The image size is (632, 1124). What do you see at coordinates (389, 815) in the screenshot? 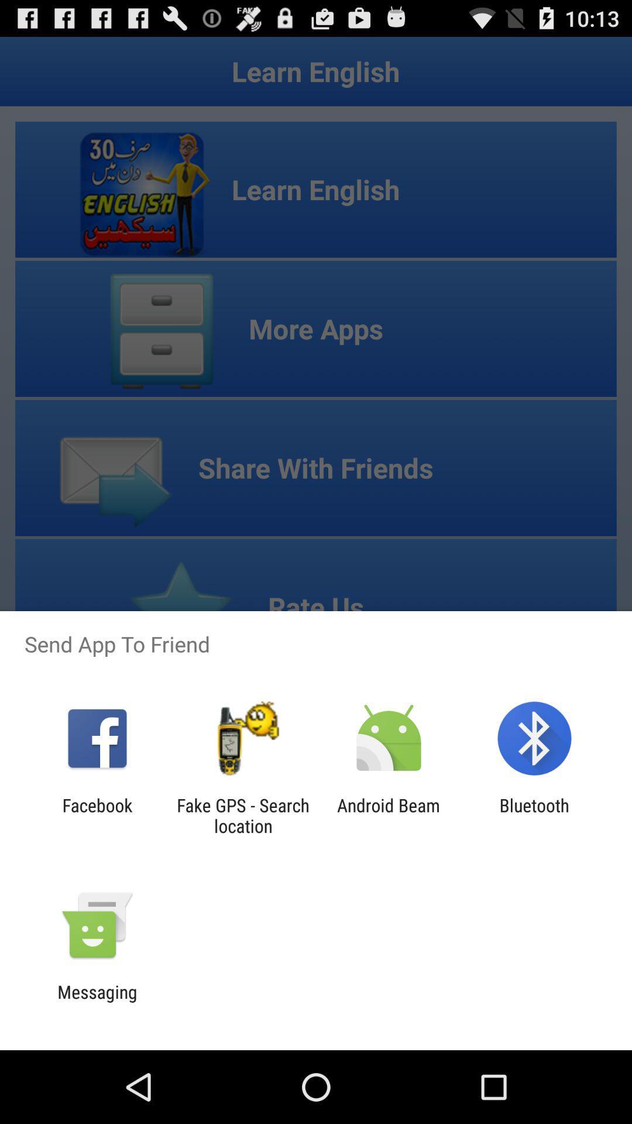
I see `the item to the left of bluetooth icon` at bounding box center [389, 815].